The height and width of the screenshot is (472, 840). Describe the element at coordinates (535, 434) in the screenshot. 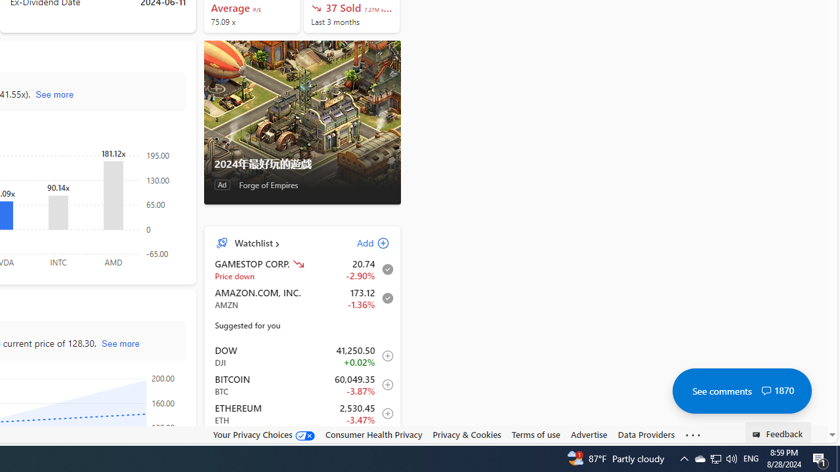

I see `'Terms of use'` at that location.